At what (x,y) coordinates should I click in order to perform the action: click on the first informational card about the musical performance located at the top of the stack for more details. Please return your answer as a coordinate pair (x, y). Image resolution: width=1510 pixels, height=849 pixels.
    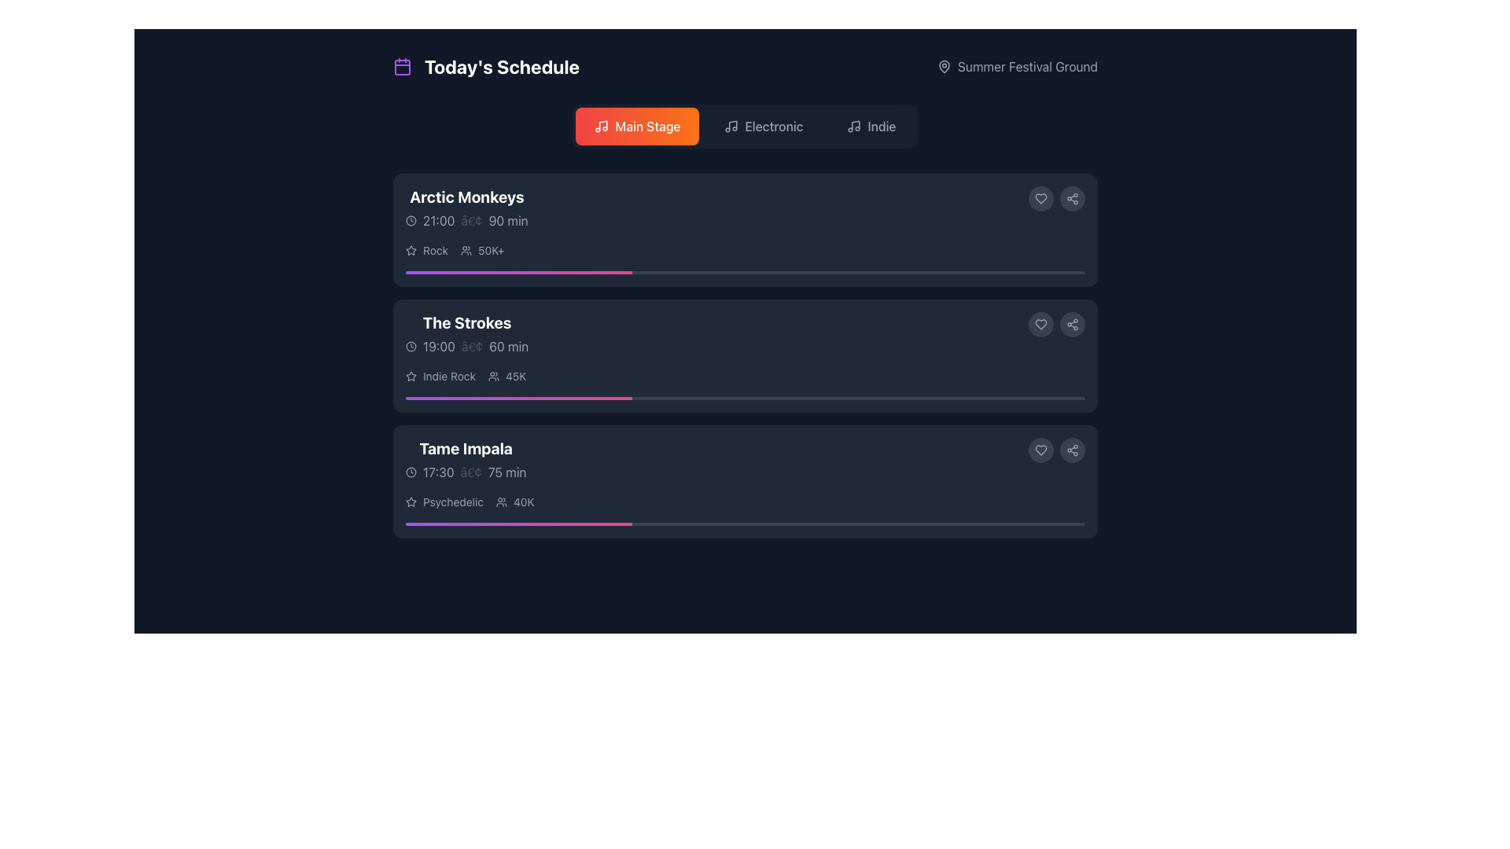
    Looking at the image, I should click on (745, 230).